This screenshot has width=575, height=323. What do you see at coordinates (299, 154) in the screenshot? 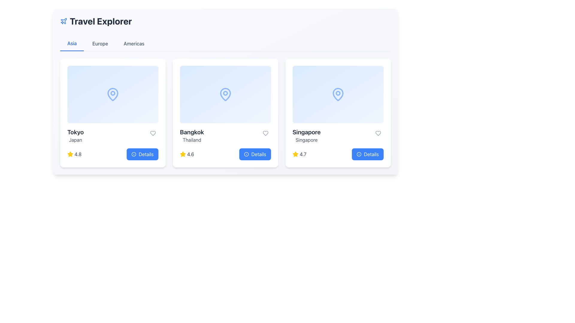
I see `rating score displayed on the rating indicator located at the bottom-left corner of the card labeled 'Singapore, Singapore' in the 'Travel Explorer' interface` at bounding box center [299, 154].